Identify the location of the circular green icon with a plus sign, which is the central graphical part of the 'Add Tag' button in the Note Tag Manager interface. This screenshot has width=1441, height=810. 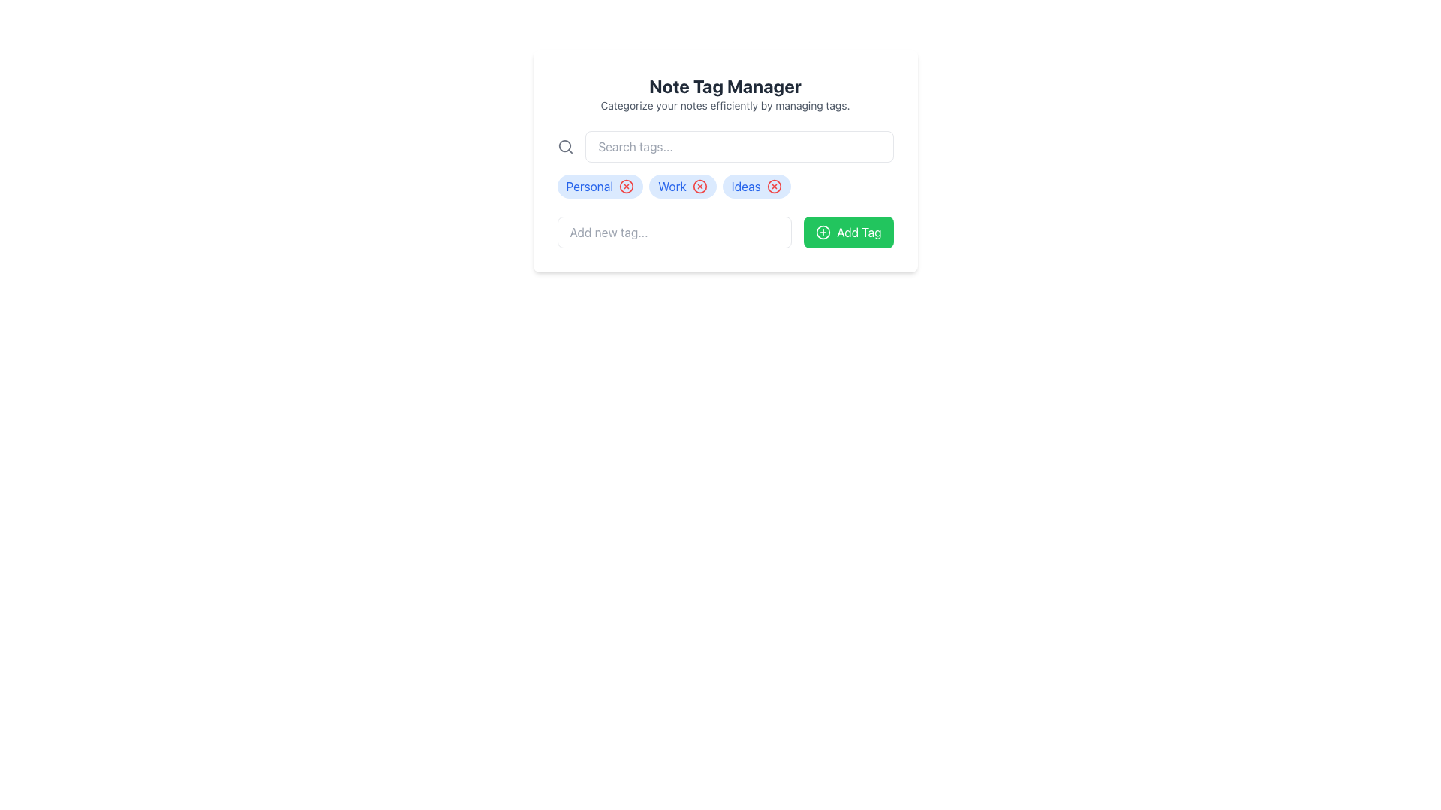
(823, 232).